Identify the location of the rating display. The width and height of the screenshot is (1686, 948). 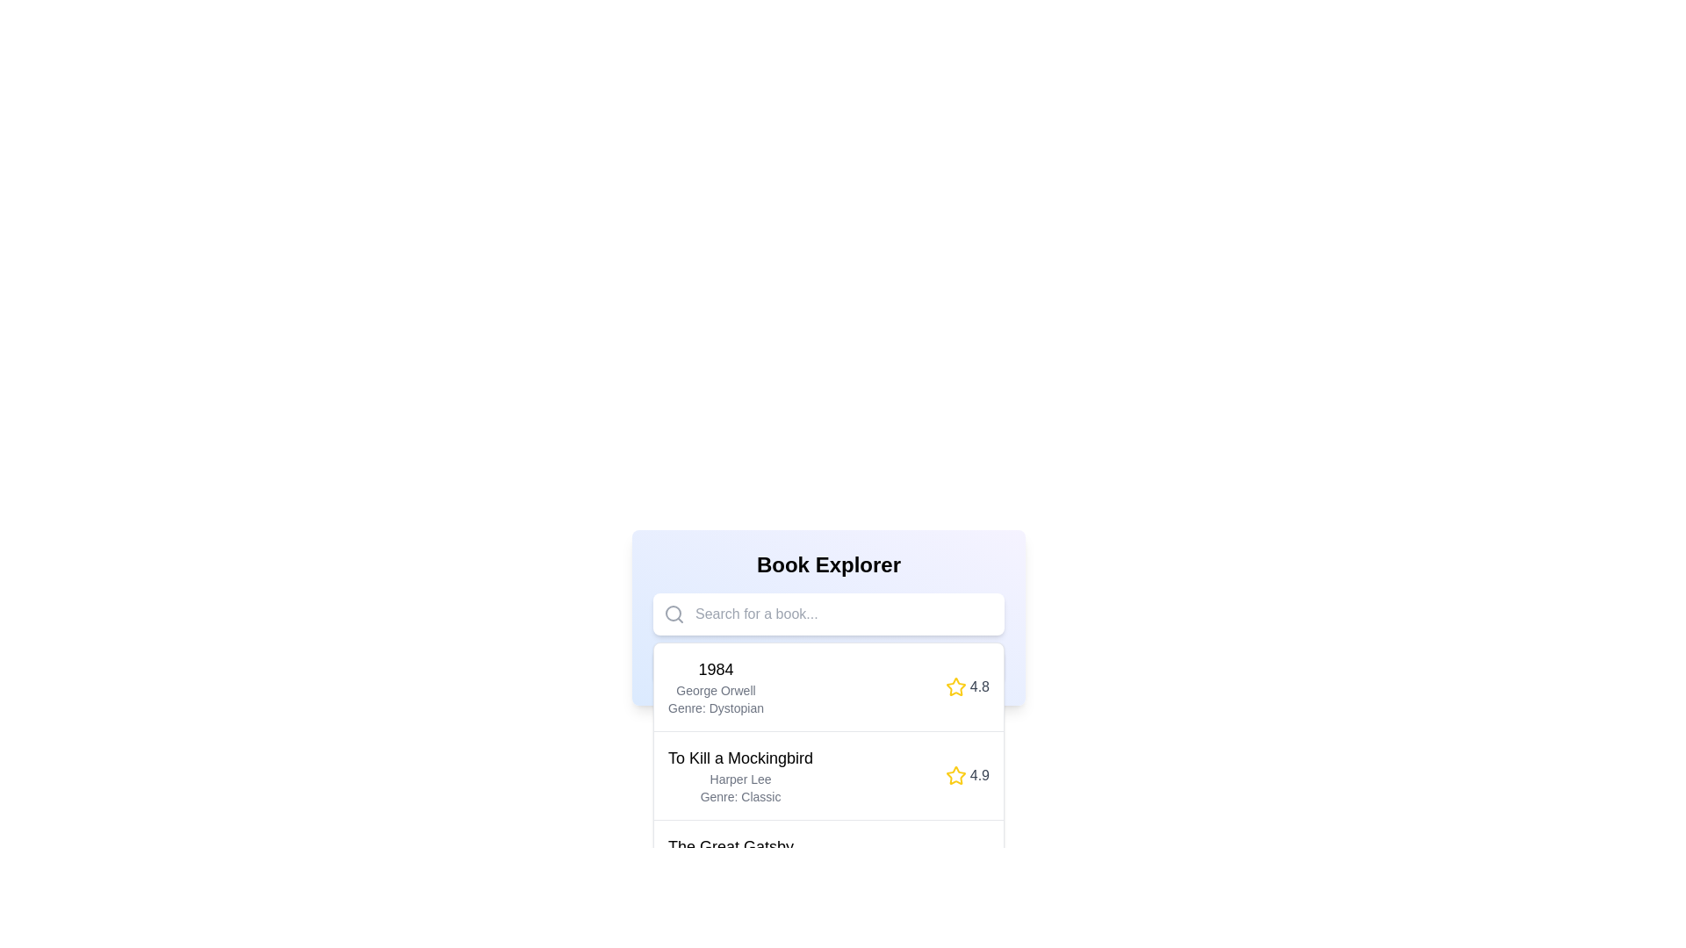
(966, 686).